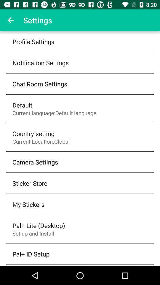 The height and width of the screenshot is (285, 160). Describe the element at coordinates (40, 83) in the screenshot. I see `item above default icon` at that location.